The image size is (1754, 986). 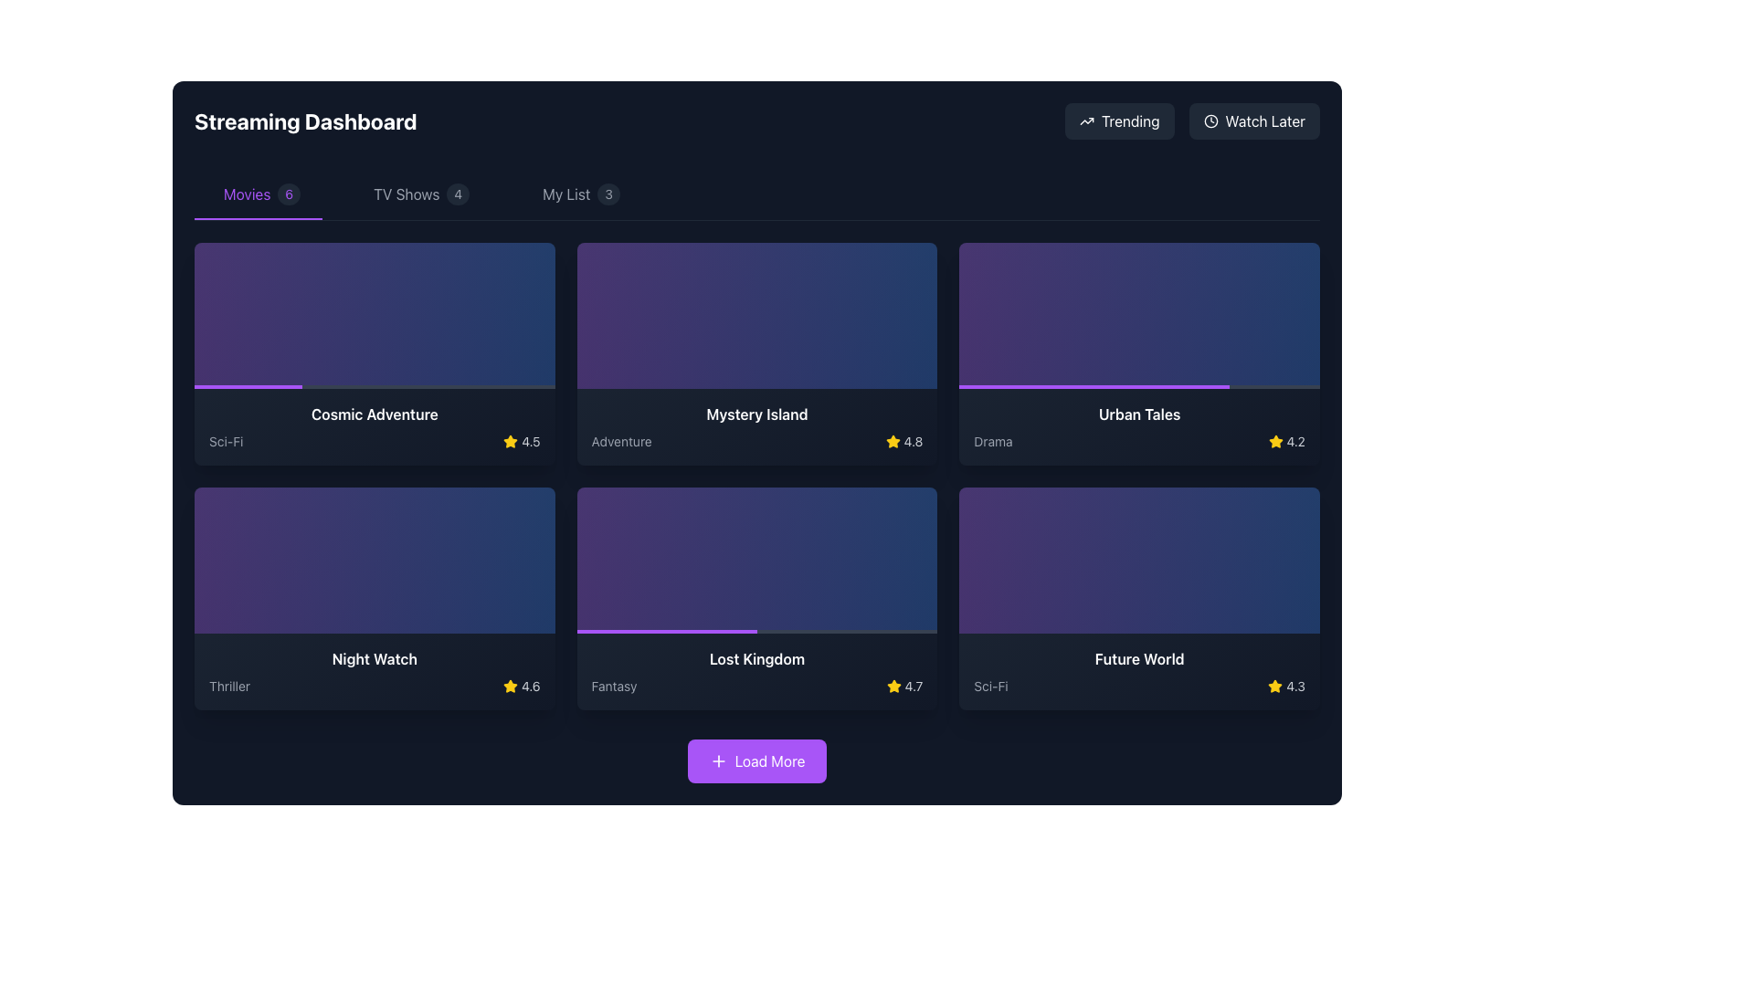 What do you see at coordinates (757, 760) in the screenshot?
I see `the 'Load More' button, which is a vibrant purple rectangular button with rounded corners located at the bottom center of the interface` at bounding box center [757, 760].